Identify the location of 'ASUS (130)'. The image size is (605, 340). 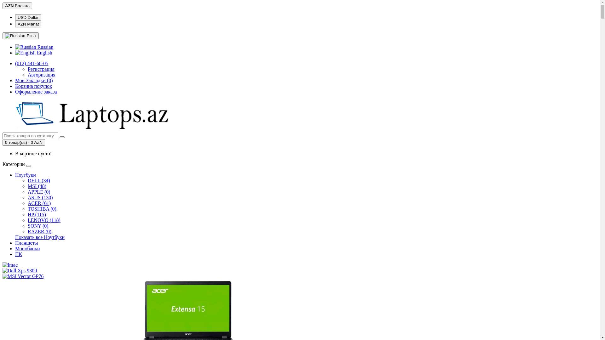
(27, 197).